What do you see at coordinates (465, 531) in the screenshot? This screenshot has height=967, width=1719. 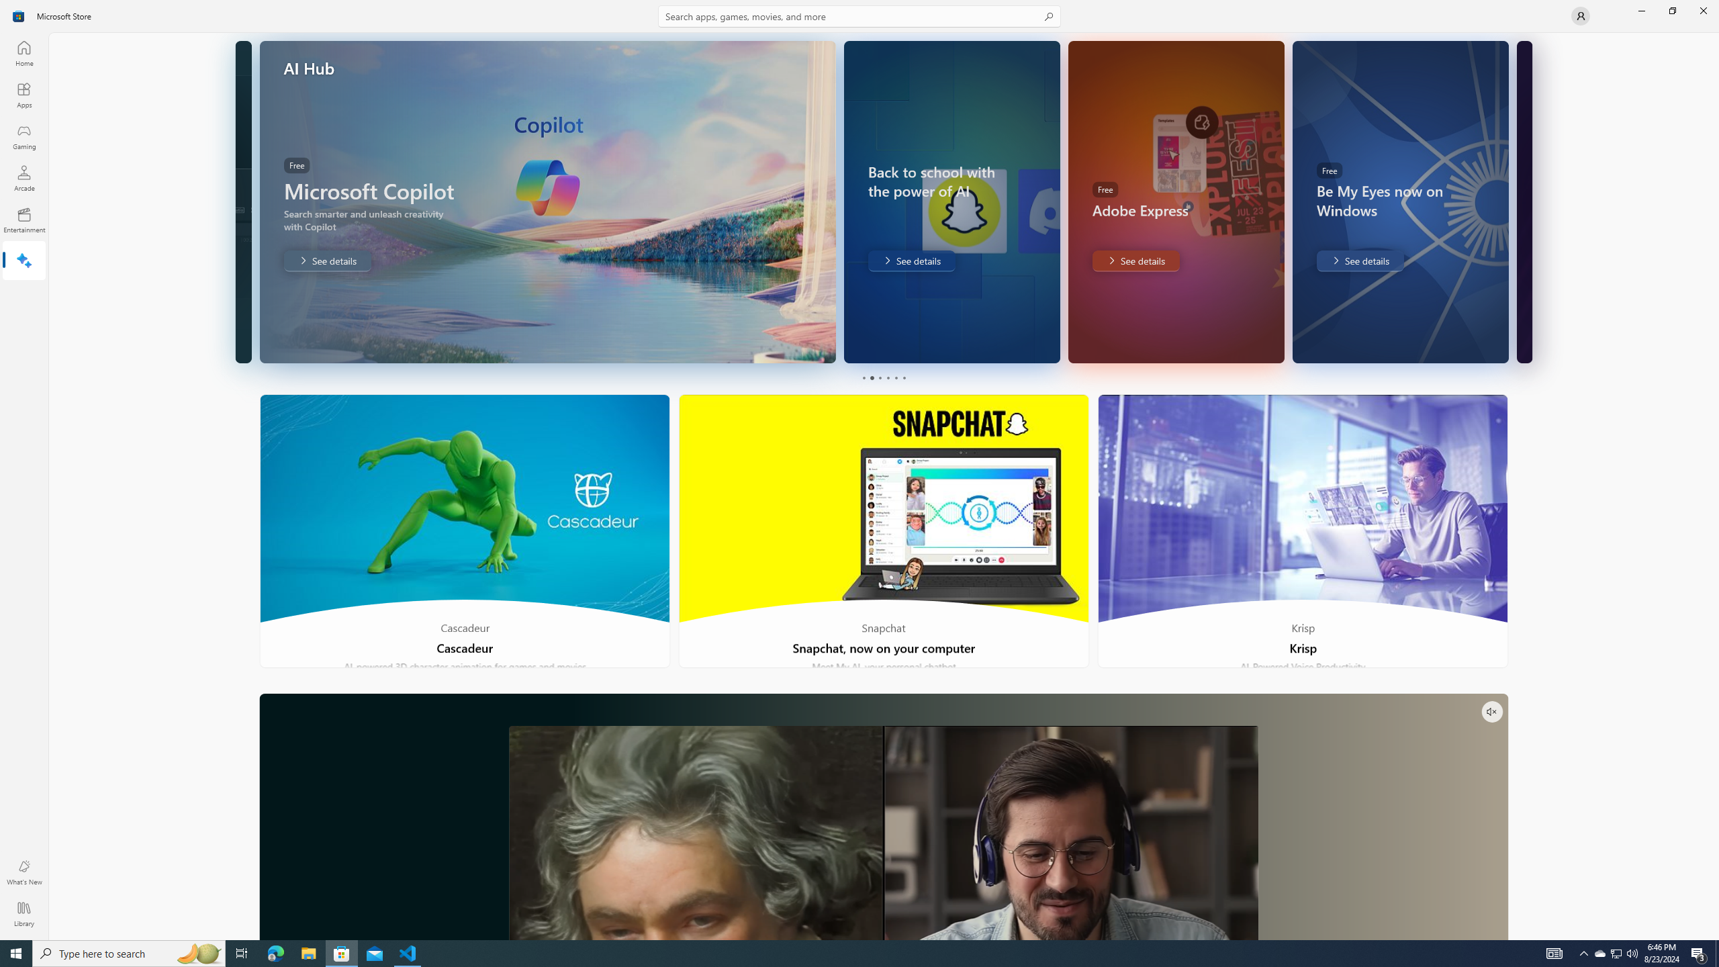 I see `'Cascadeur'` at bounding box center [465, 531].